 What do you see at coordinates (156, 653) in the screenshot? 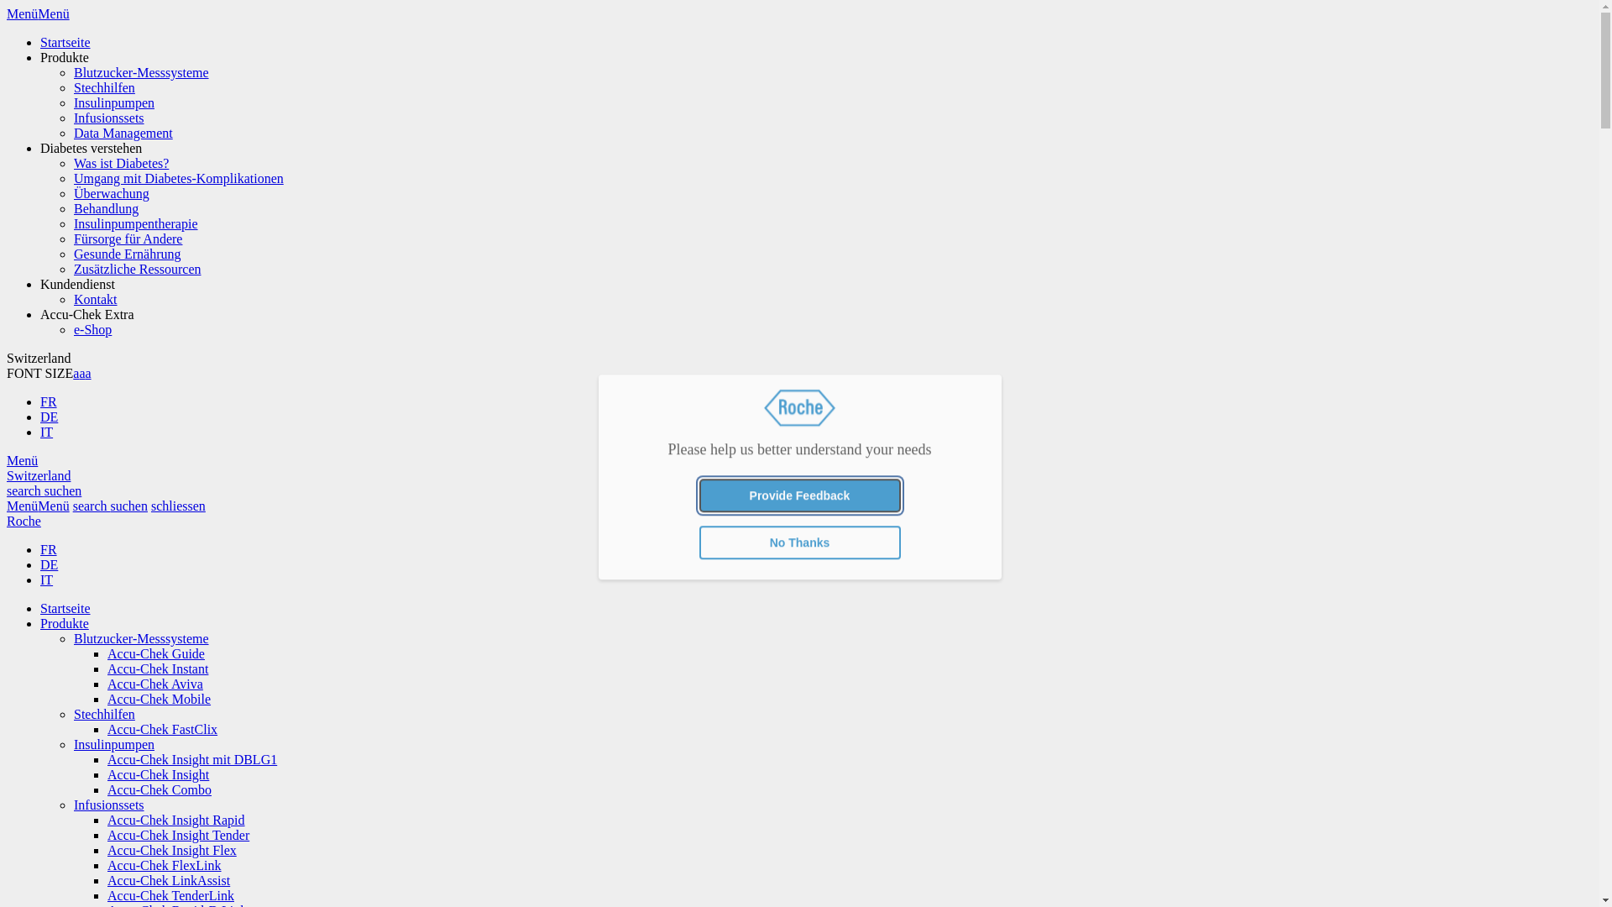
I see `'Accu-Chek Guide'` at bounding box center [156, 653].